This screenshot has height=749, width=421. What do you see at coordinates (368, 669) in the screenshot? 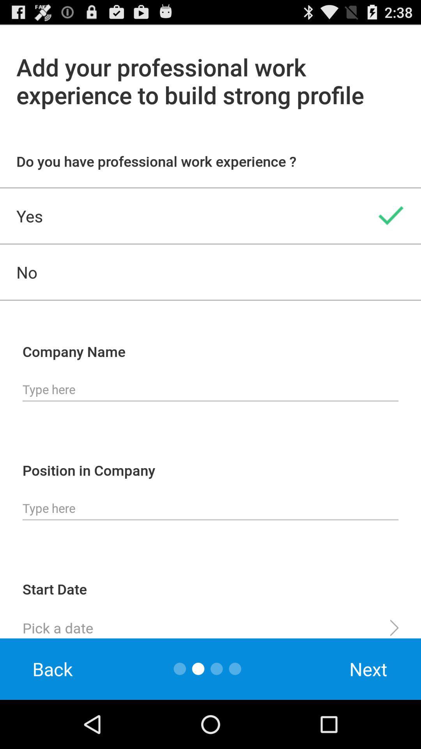
I see `next` at bounding box center [368, 669].